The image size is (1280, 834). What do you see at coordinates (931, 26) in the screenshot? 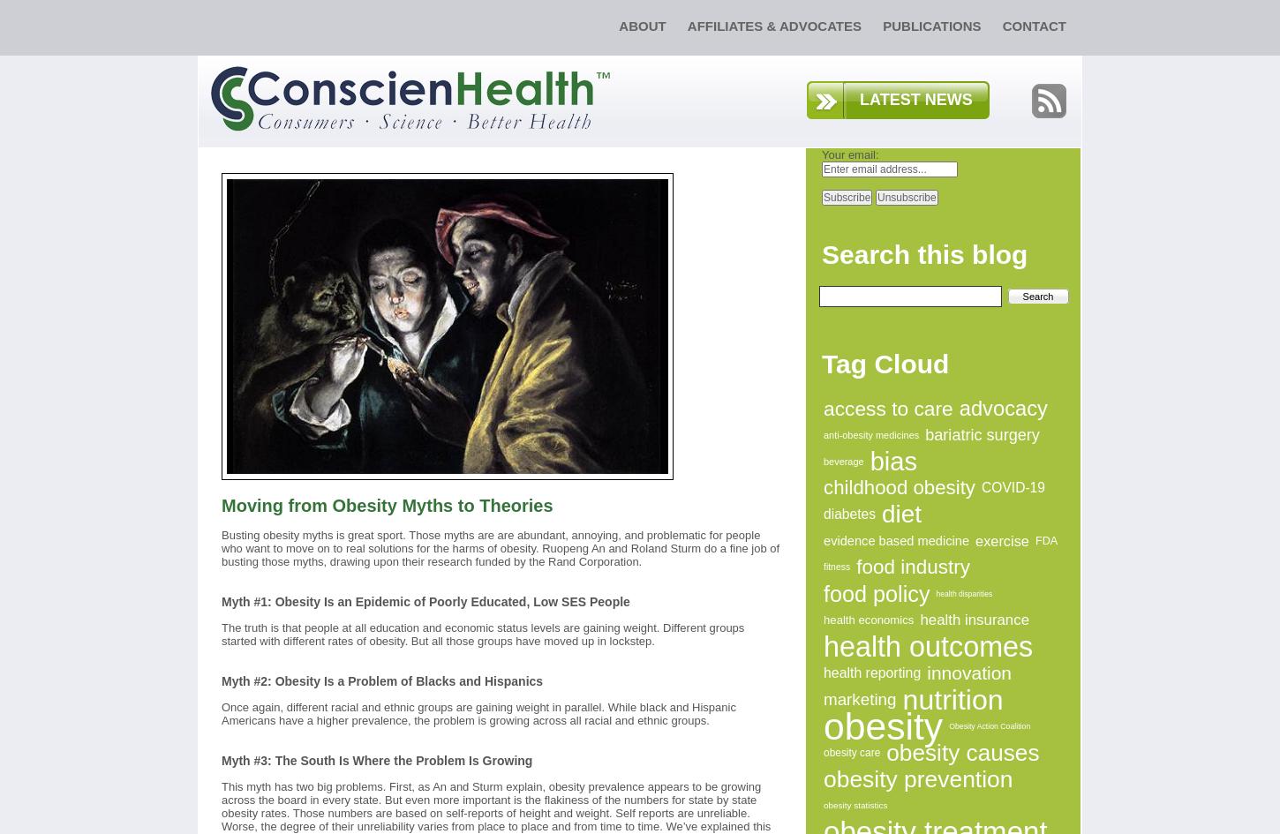
I see `'Publications'` at bounding box center [931, 26].